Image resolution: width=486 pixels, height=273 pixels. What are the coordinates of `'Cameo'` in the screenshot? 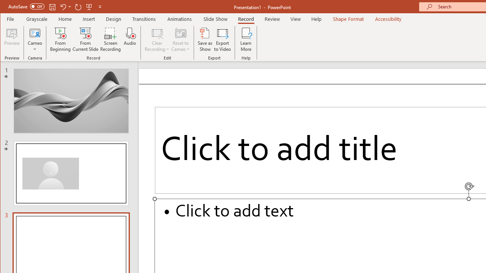 It's located at (35, 39).